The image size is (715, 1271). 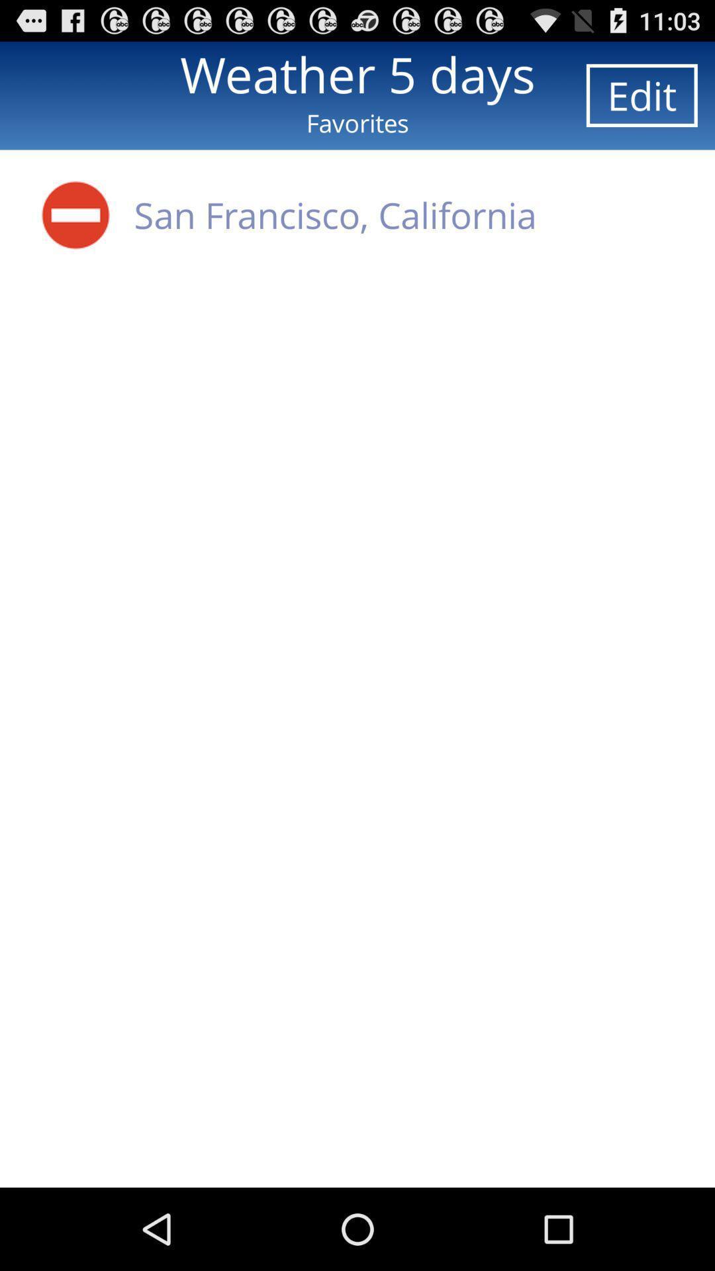 I want to click on the san francisco, california app, so click(x=334, y=214).